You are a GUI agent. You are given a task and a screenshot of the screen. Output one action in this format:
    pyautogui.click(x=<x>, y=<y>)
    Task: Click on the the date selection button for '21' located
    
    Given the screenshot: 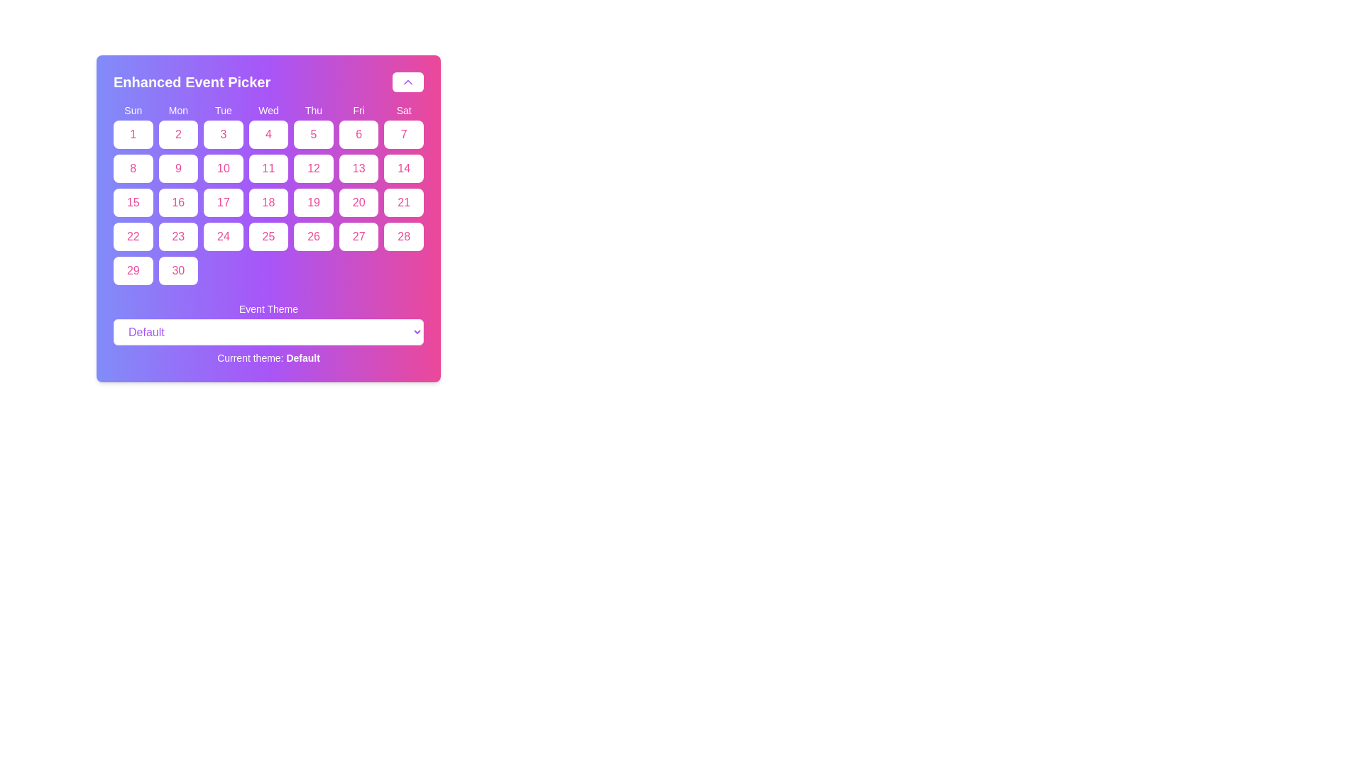 What is the action you would take?
    pyautogui.click(x=403, y=202)
    